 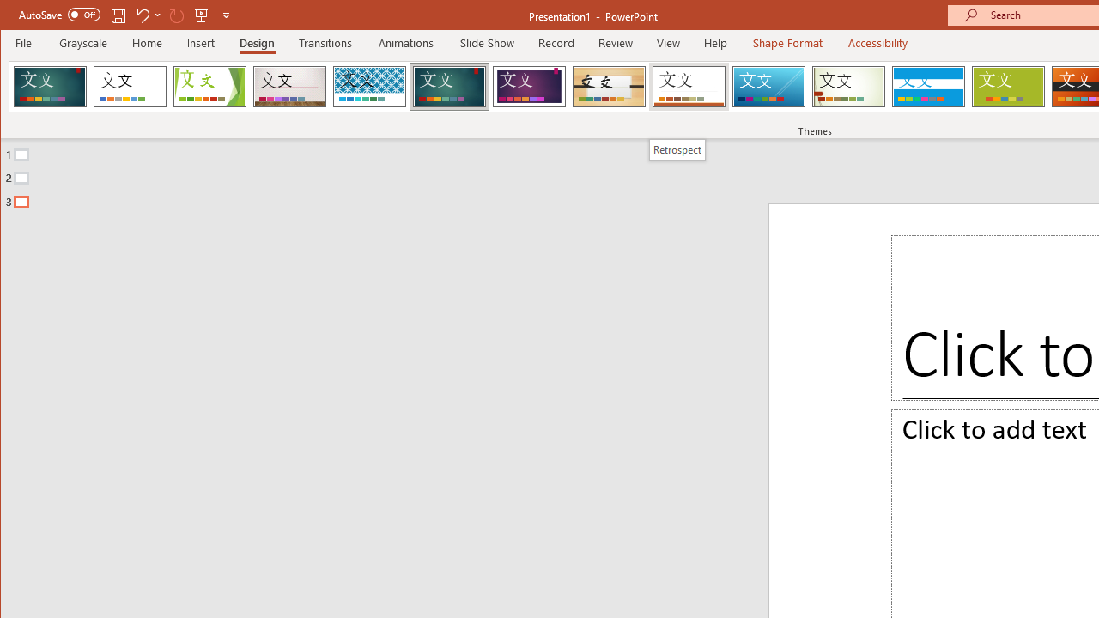 I want to click on 'Dividend', so click(x=50, y=86).